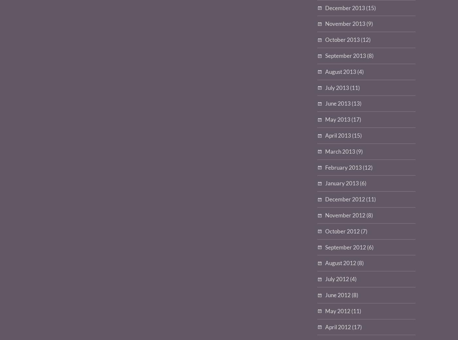  What do you see at coordinates (356, 103) in the screenshot?
I see `'(13)'` at bounding box center [356, 103].